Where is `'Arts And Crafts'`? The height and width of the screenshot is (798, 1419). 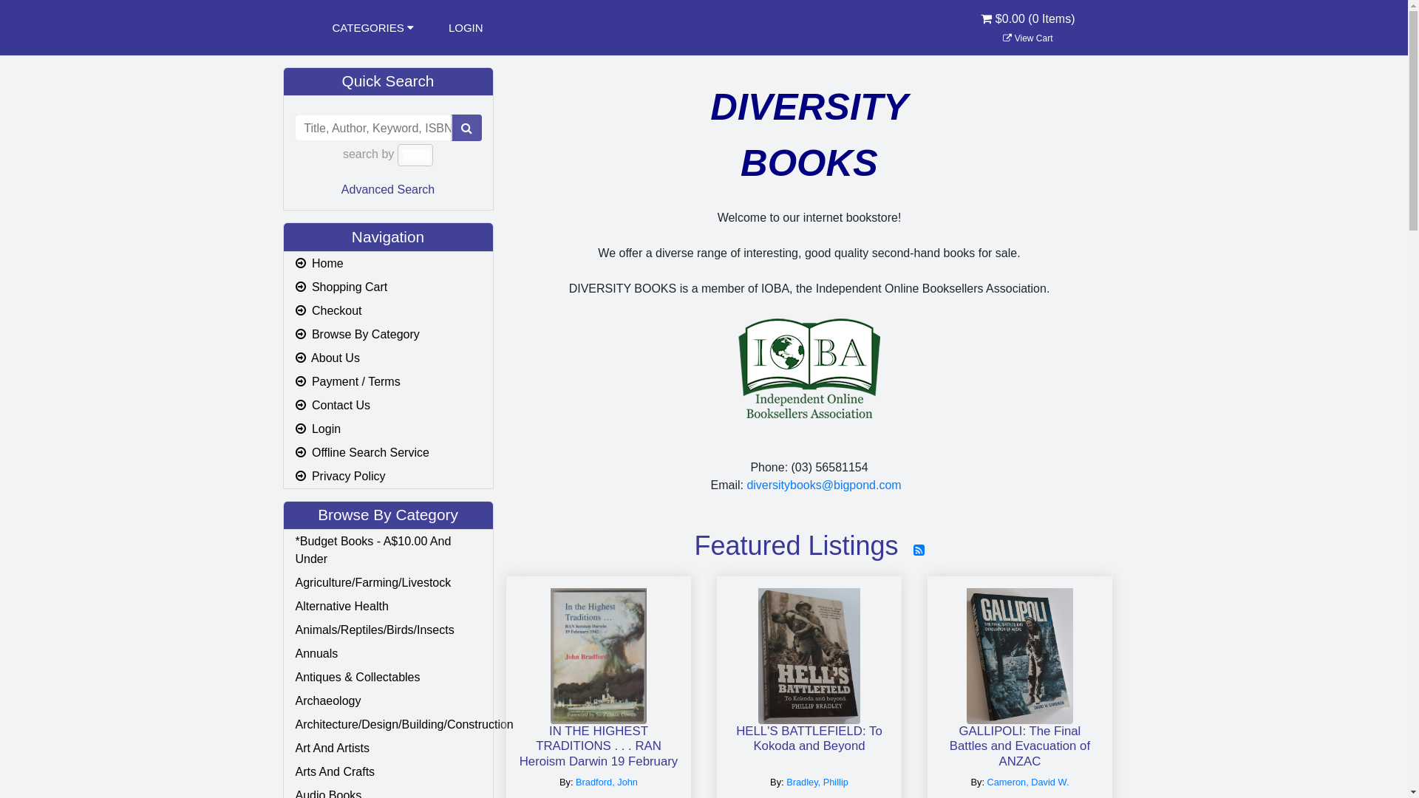 'Arts And Crafts' is located at coordinates (284, 771).